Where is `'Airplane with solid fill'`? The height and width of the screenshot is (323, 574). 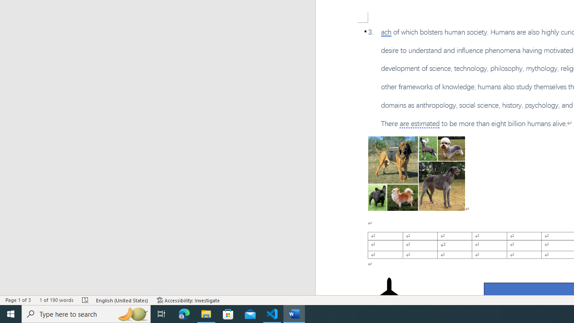
'Airplane with solid fill' is located at coordinates (389, 295).